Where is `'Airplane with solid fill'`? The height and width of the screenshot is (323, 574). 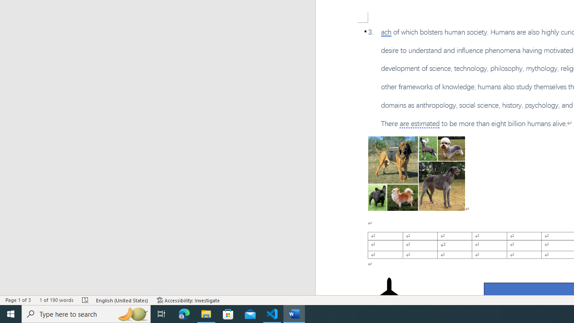
'Airplane with solid fill' is located at coordinates (389, 295).